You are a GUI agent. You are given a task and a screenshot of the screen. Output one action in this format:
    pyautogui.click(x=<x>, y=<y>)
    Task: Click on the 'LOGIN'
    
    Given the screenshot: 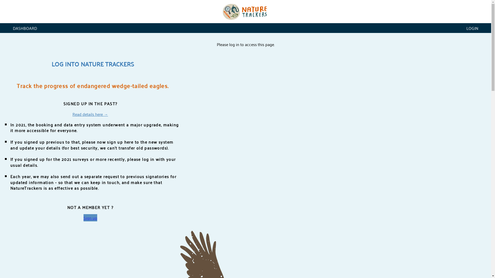 What is the action you would take?
    pyautogui.click(x=472, y=28)
    